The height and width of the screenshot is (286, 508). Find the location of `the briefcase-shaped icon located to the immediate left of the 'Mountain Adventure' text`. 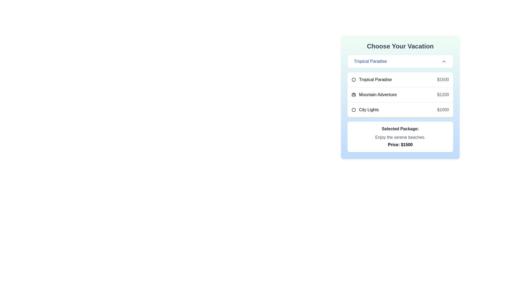

the briefcase-shaped icon located to the immediate left of the 'Mountain Adventure' text is located at coordinates (354, 95).